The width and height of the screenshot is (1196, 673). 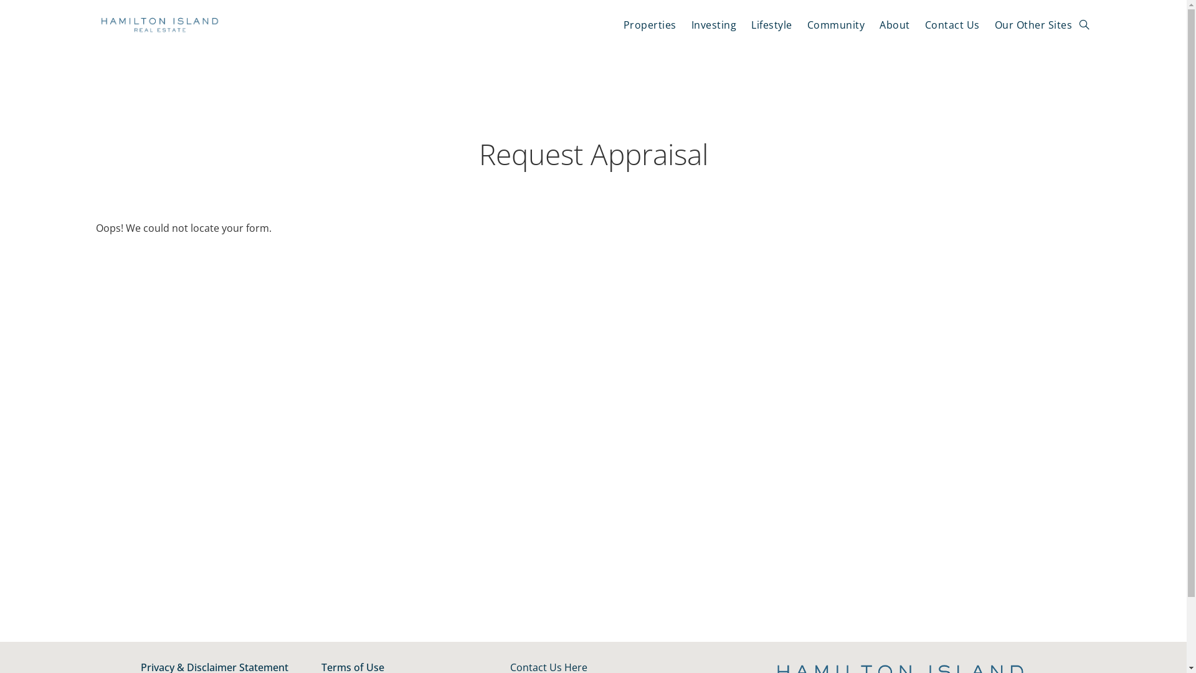 I want to click on 'Contact Us', so click(x=952, y=24).